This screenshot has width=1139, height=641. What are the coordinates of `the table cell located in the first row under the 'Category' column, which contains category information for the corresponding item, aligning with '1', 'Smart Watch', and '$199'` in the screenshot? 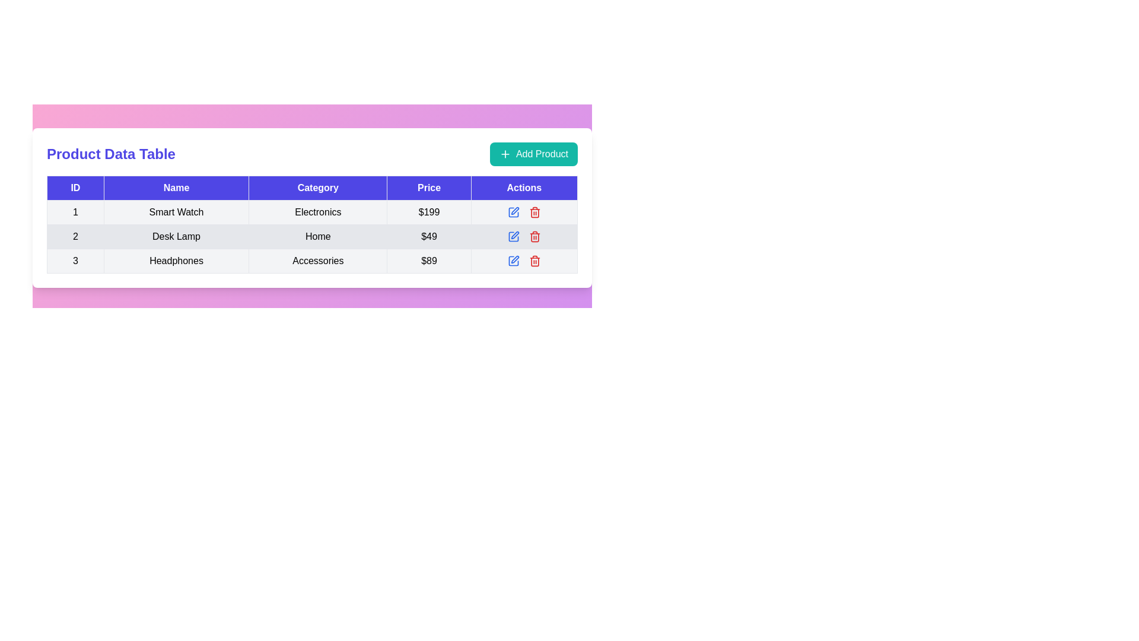 It's located at (318, 212).